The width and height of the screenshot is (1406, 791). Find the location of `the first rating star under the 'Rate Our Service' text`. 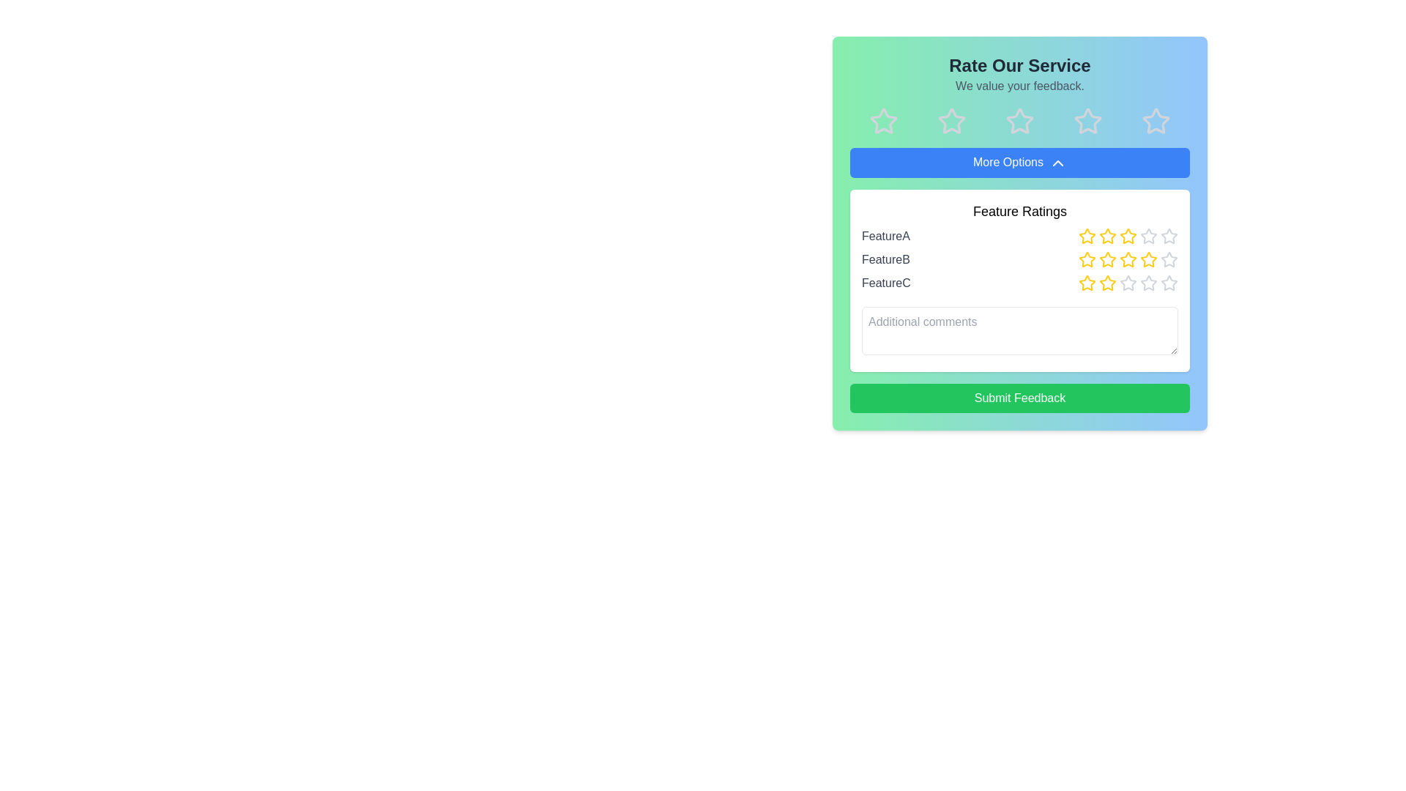

the first rating star under the 'Rate Our Service' text is located at coordinates (883, 120).